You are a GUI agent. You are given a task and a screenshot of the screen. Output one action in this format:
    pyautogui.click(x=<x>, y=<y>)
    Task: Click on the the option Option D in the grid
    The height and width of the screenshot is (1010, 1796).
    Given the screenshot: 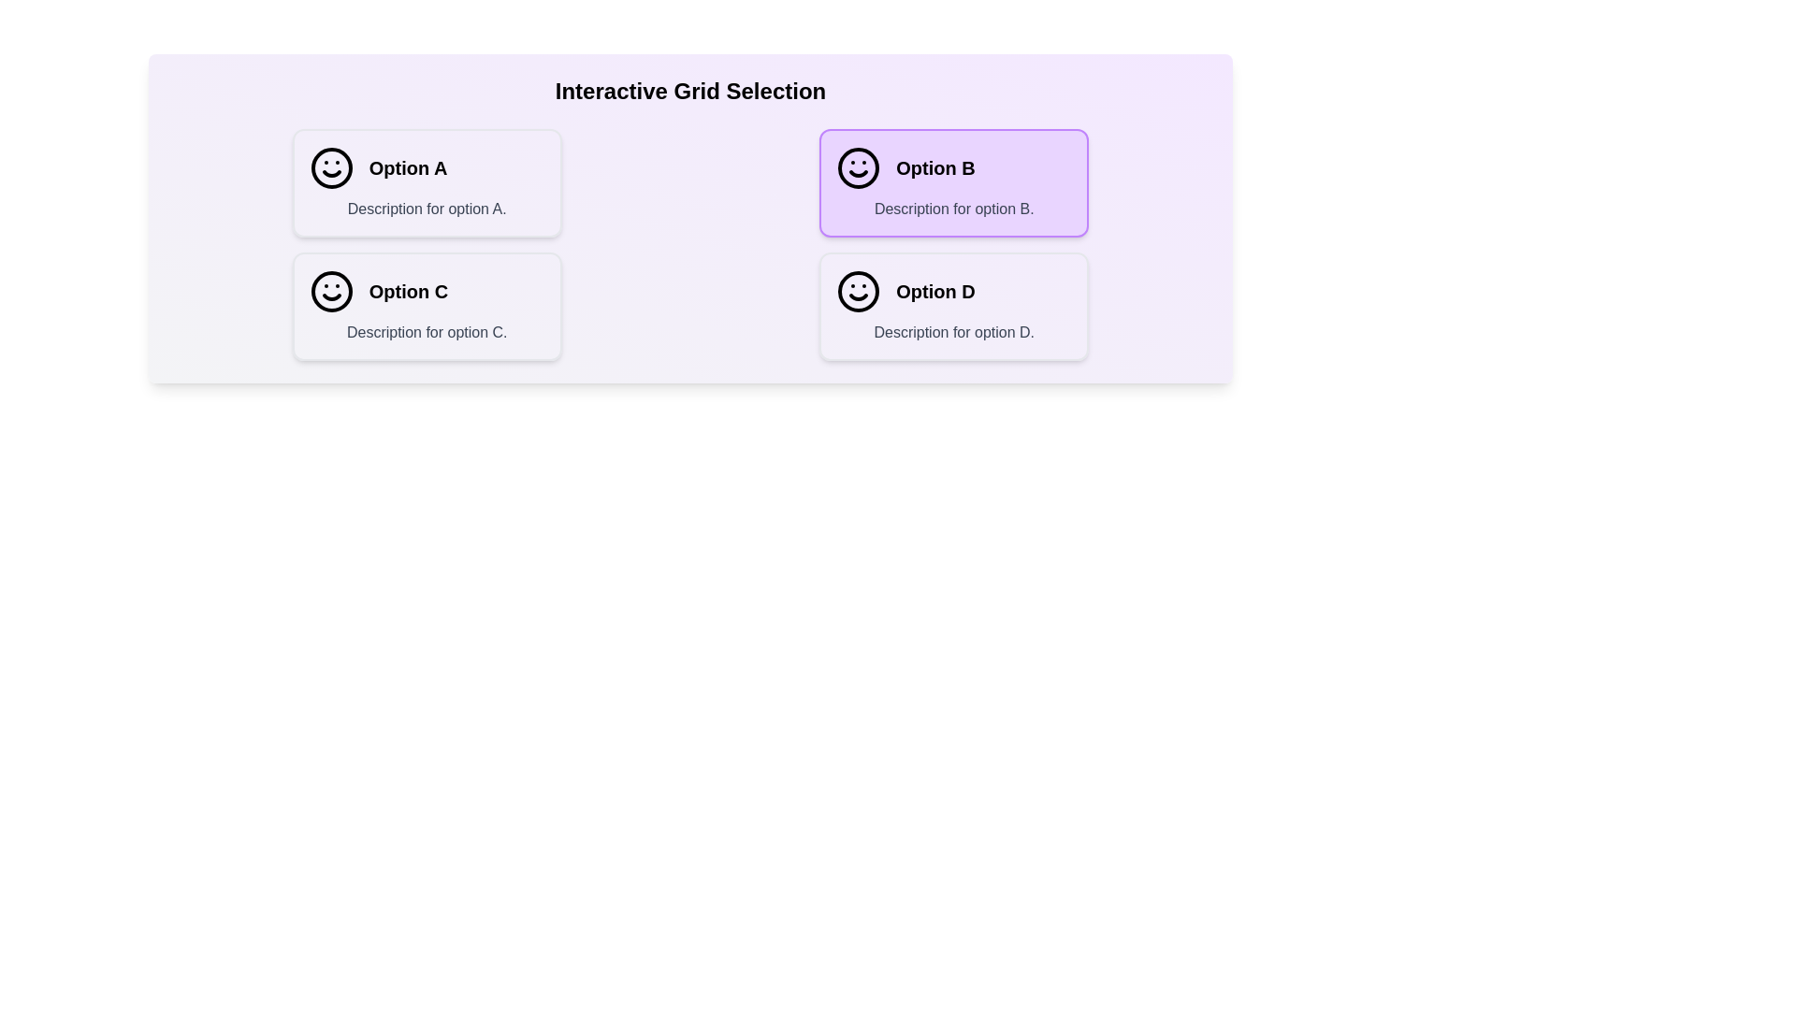 What is the action you would take?
    pyautogui.click(x=954, y=305)
    